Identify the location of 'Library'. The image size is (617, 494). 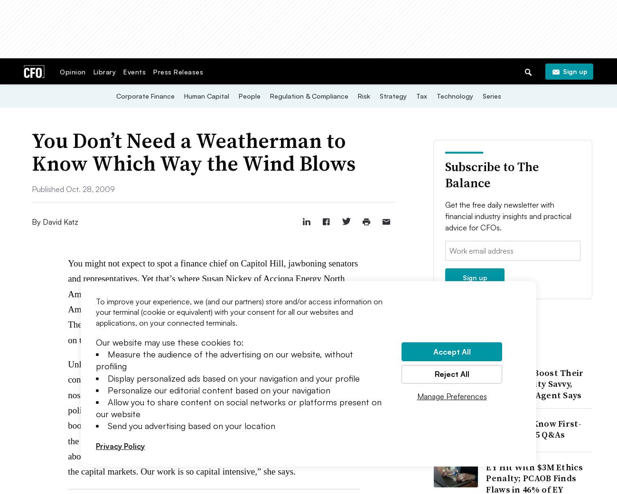
(103, 71).